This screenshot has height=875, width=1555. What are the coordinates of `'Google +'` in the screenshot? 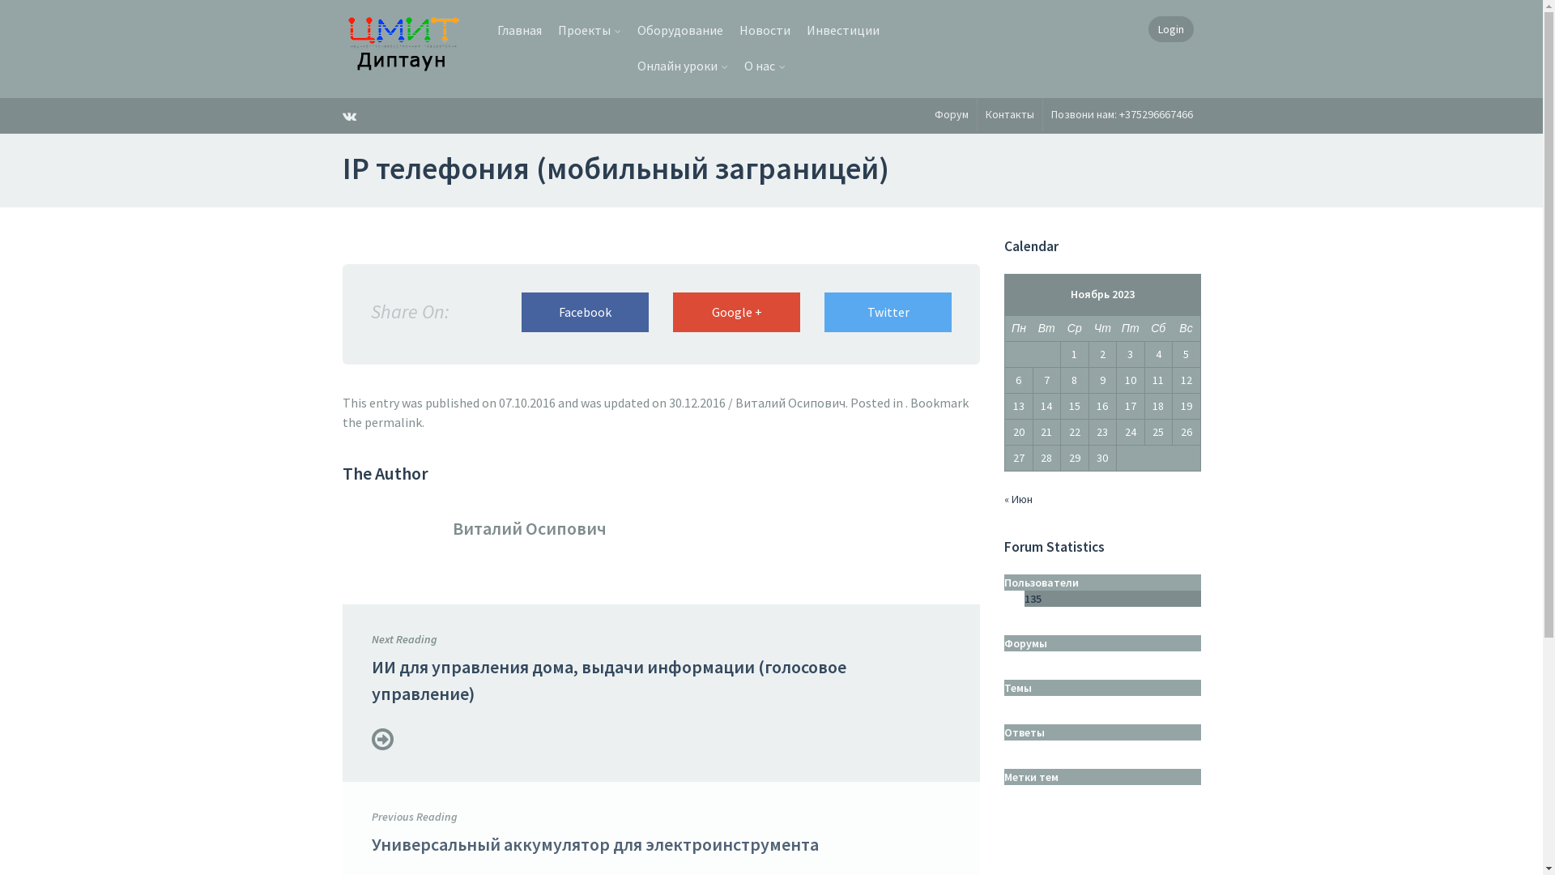 It's located at (672, 312).